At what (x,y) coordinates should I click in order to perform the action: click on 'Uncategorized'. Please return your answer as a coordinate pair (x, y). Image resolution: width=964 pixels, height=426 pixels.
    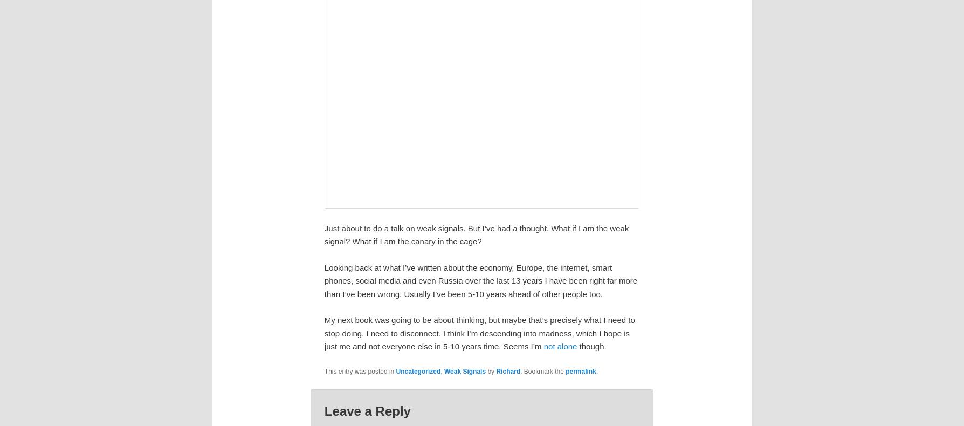
    Looking at the image, I should click on (417, 370).